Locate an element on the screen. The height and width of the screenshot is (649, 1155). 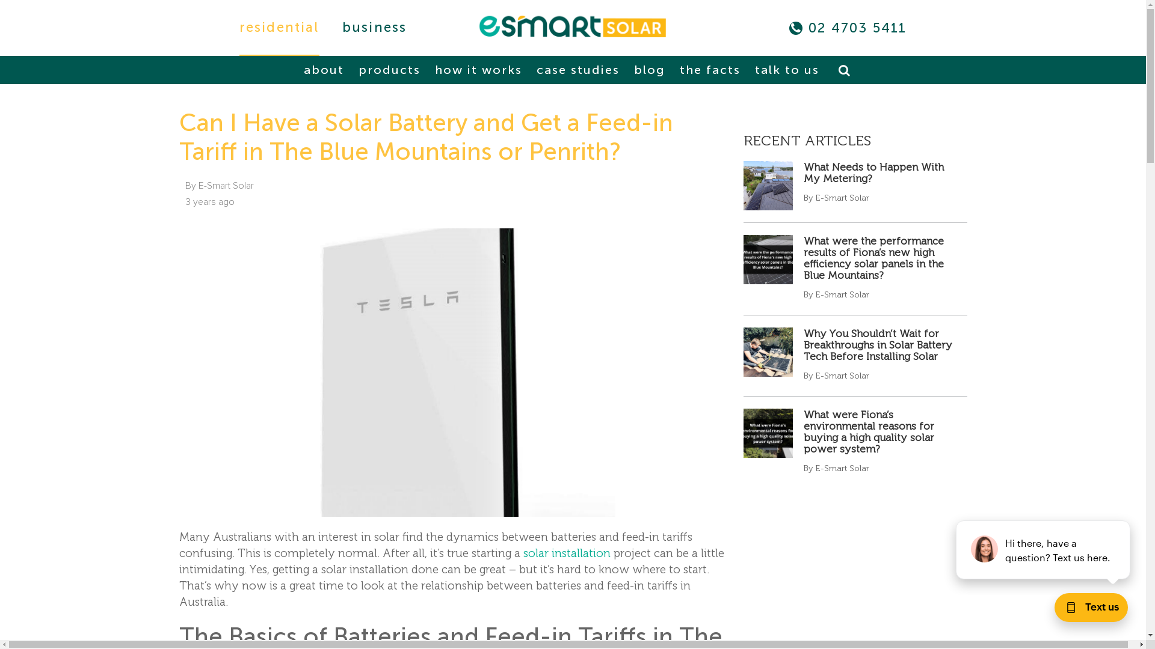
'podium webchat widget prompt' is located at coordinates (1043, 549).